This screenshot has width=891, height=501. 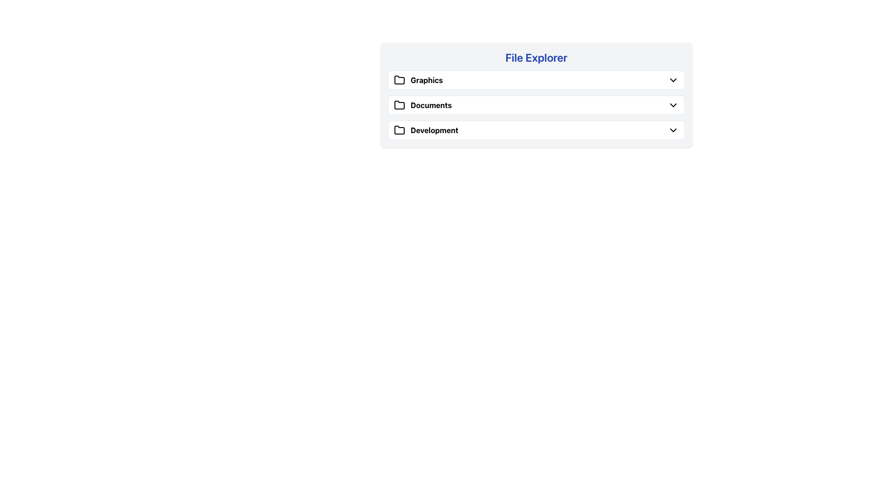 I want to click on the 'Graphics' folder icon in the 'File Explorer' menu, so click(x=399, y=80).